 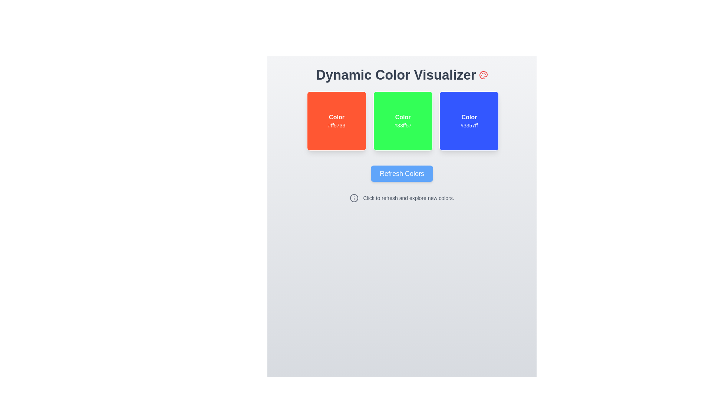 I want to click on the 'Refresh Colors' button, which is a blue rectangular button with white text located below the color sample squares, so click(x=402, y=174).